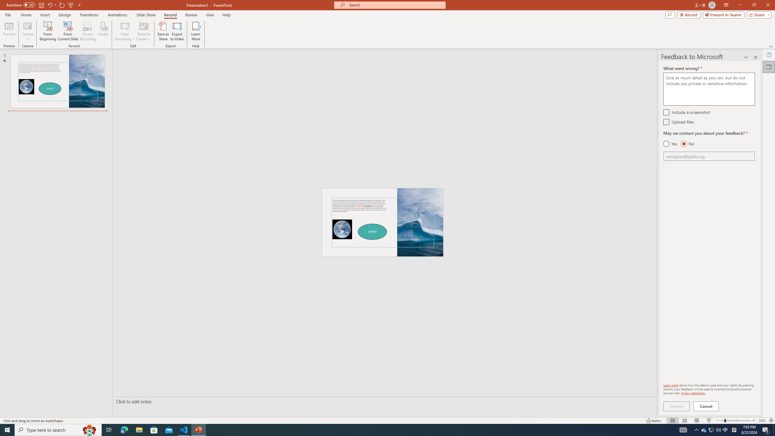 The height and width of the screenshot is (436, 775). Describe the element at coordinates (143, 31) in the screenshot. I see `'Reset to Cameo'` at that location.